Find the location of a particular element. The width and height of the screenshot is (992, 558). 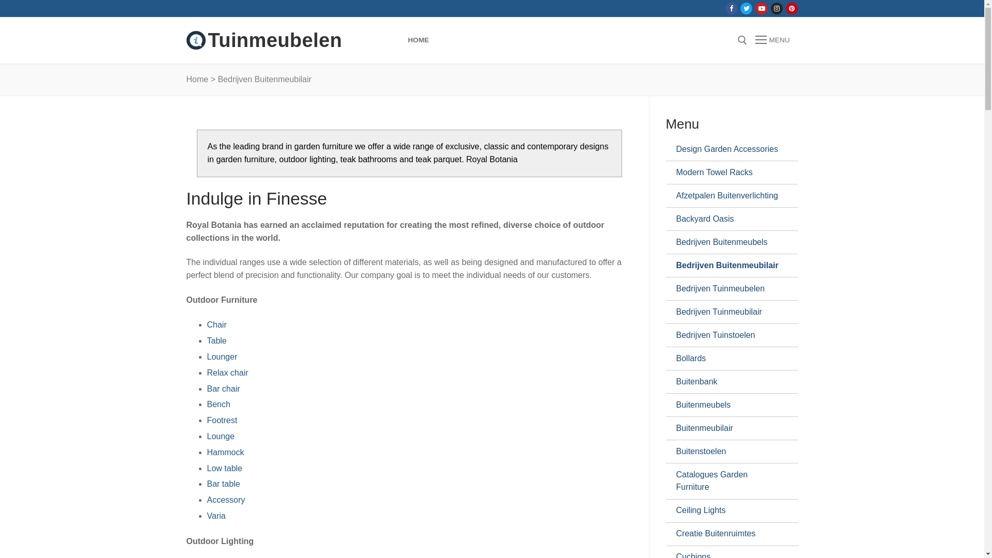

'HOME' is located at coordinates (418, 39).